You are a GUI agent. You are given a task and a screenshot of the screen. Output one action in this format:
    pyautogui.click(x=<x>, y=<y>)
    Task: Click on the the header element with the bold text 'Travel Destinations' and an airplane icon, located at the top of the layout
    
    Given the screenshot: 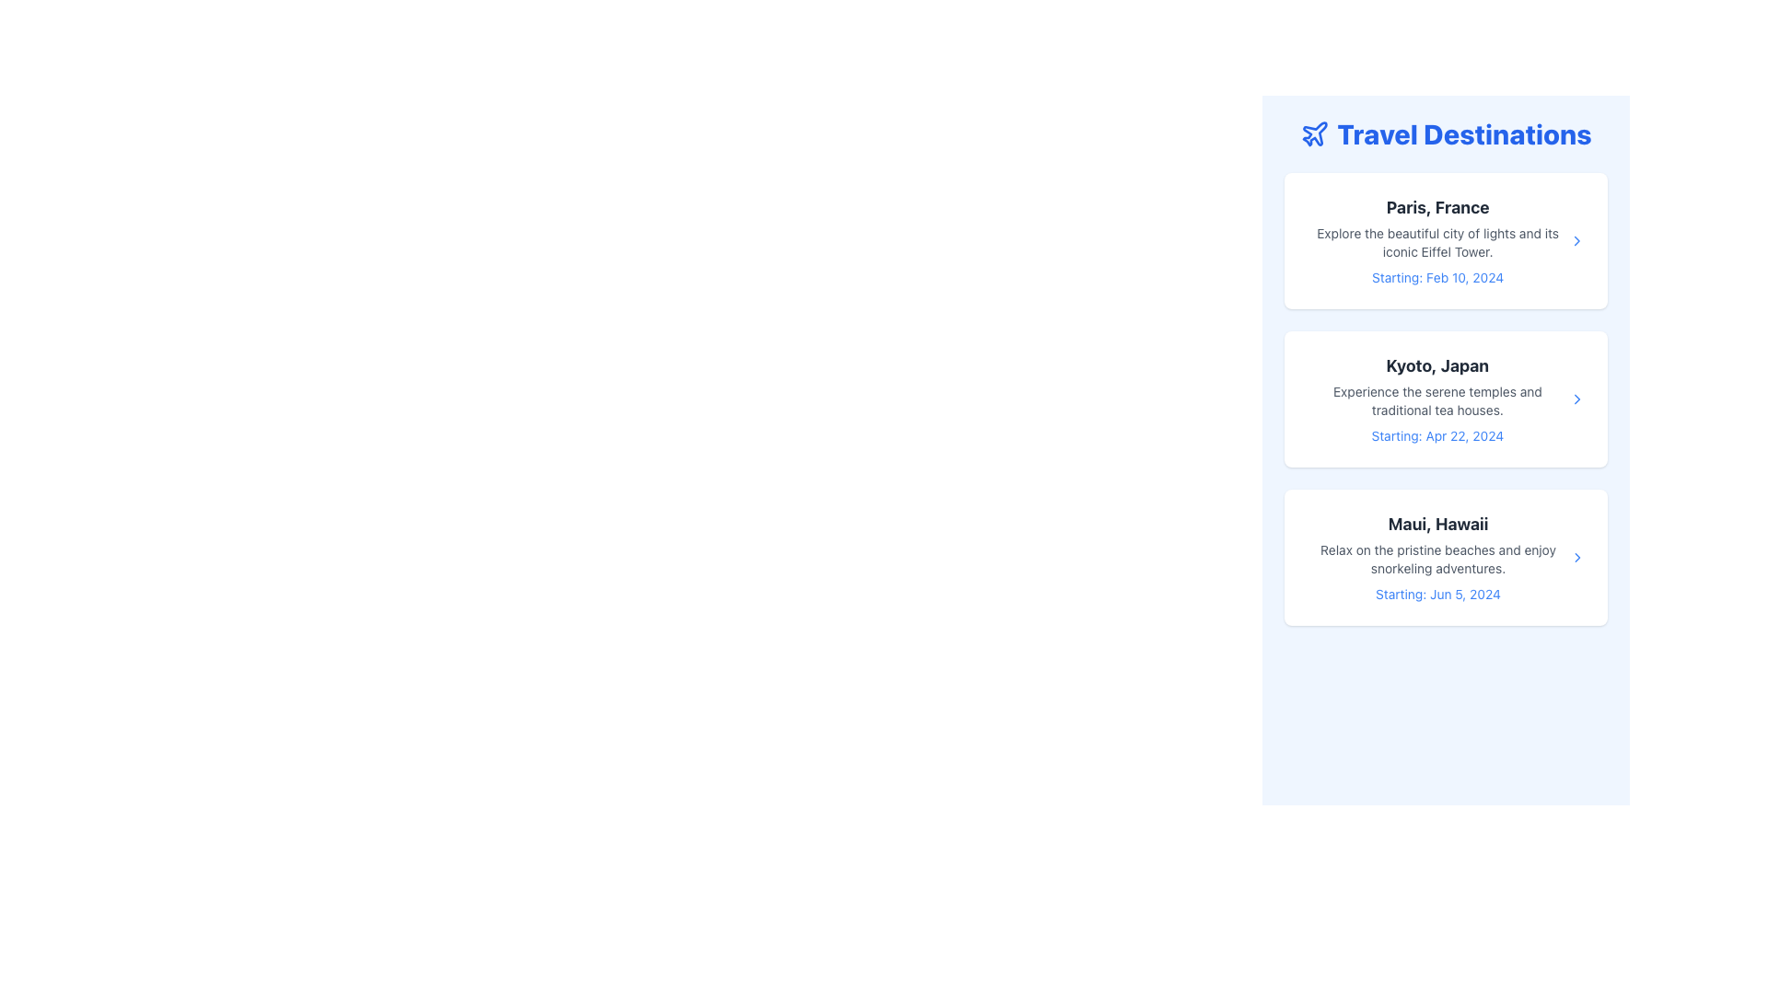 What is the action you would take?
    pyautogui.click(x=1445, y=133)
    